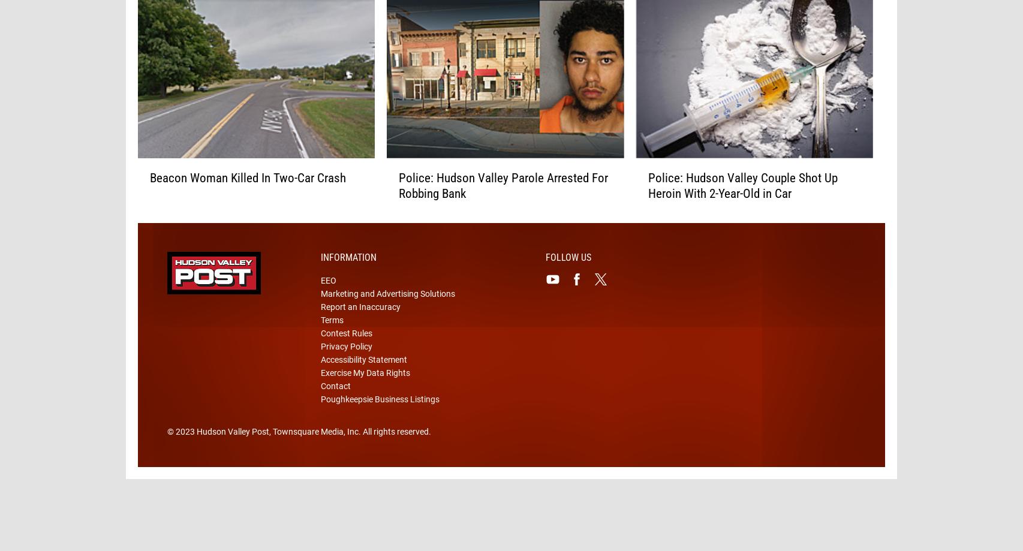 The width and height of the screenshot is (1023, 551). What do you see at coordinates (331, 339) in the screenshot?
I see `'Terms'` at bounding box center [331, 339].